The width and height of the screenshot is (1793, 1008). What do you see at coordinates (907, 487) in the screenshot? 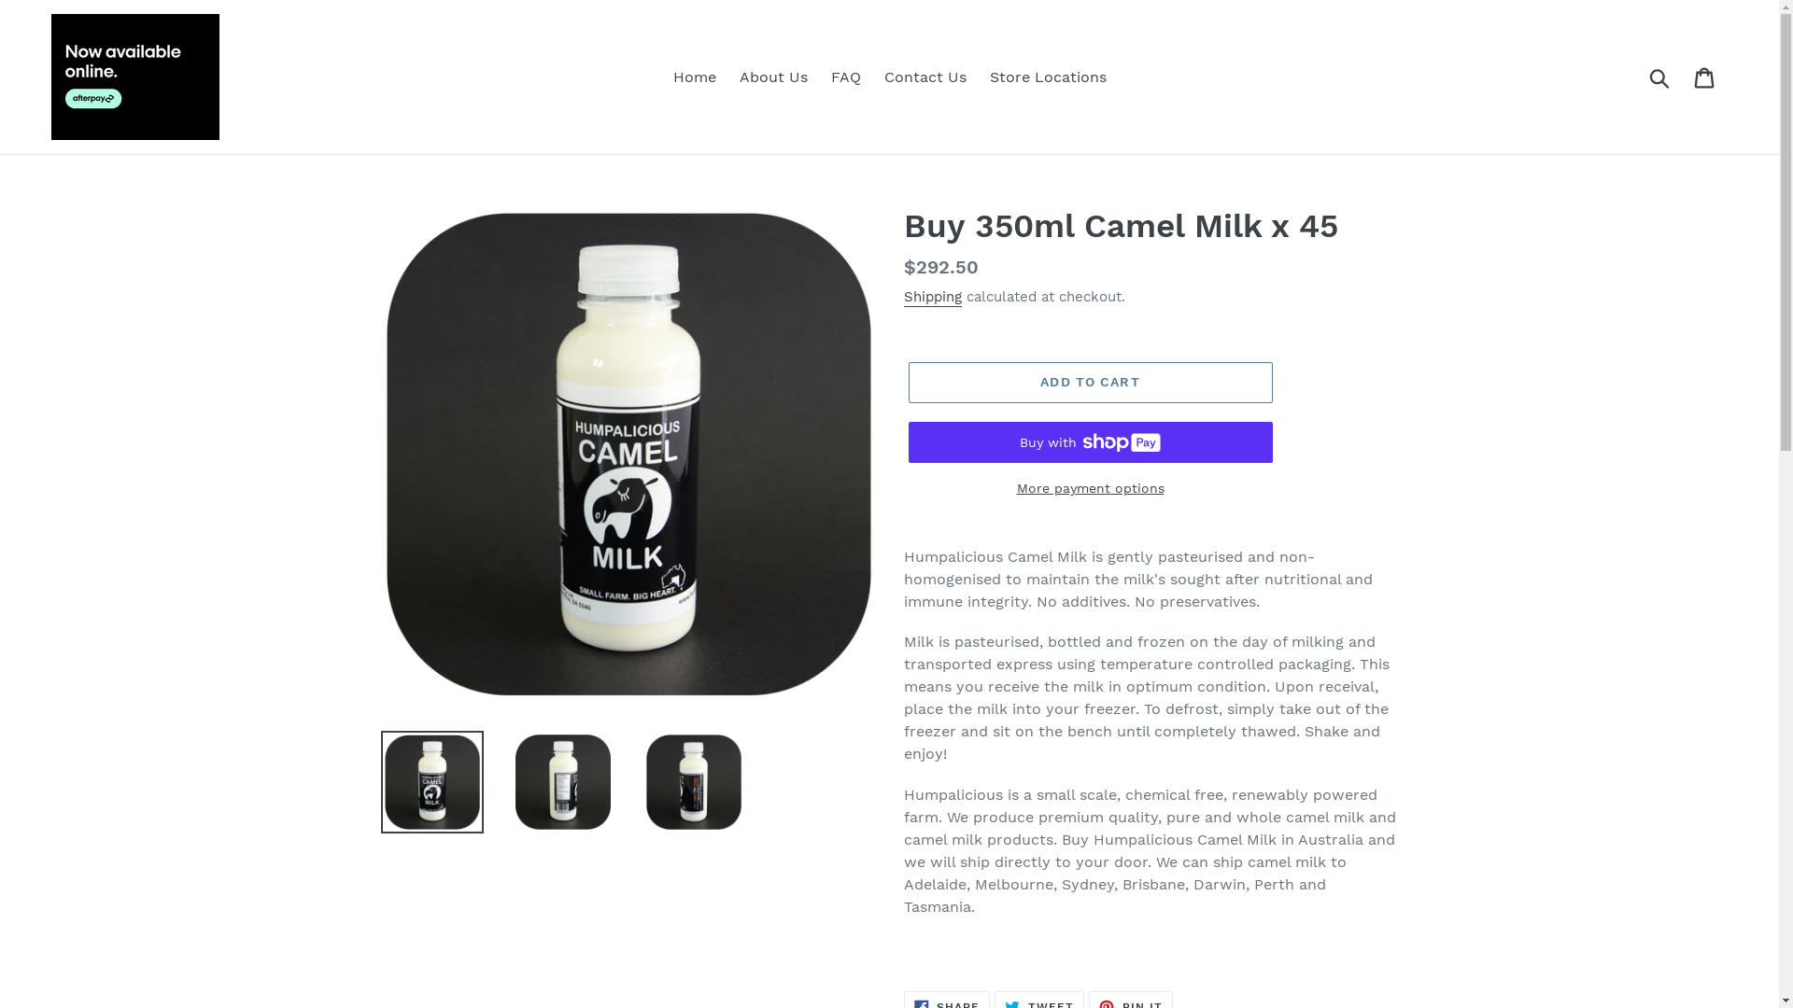
I see `'More payment options'` at bounding box center [907, 487].